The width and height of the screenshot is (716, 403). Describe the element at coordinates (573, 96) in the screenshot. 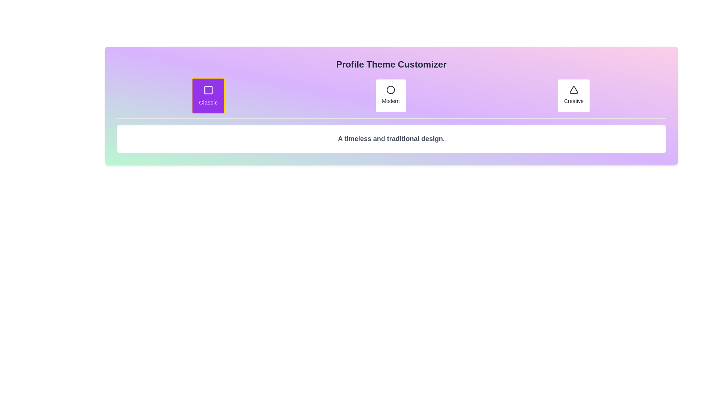

I see `the 'Creative' button, which is the third button in a horizontal row of three, featuring a white background, gray text, and a minimalist triangle icon above the text` at that location.